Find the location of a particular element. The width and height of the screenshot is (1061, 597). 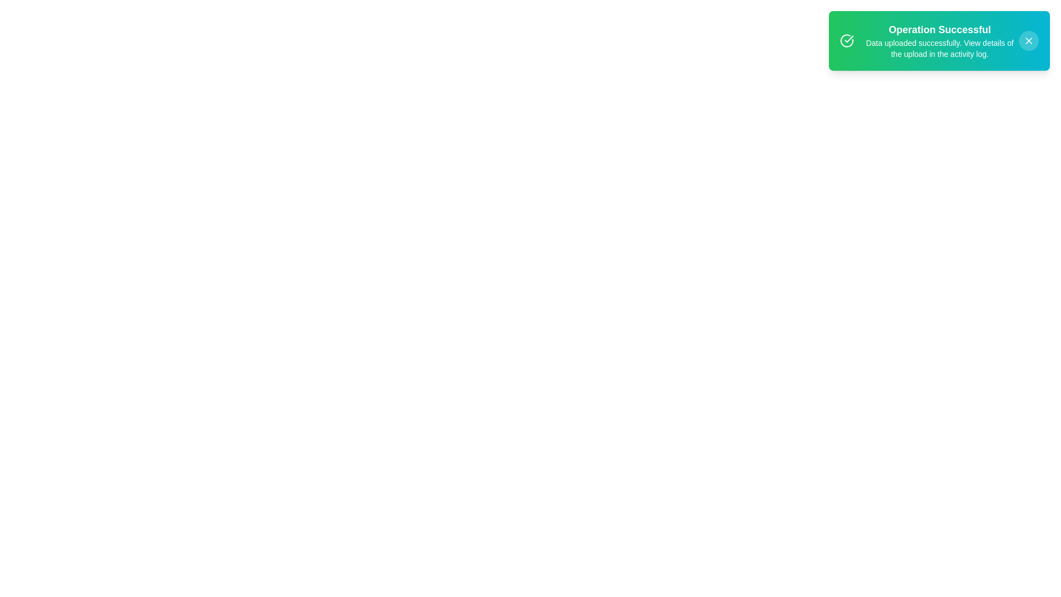

the circular icon with a checkmark in the center, which has a green background and white stroke, located within the notification box next to the text 'Operation Successful' is located at coordinates (846, 40).